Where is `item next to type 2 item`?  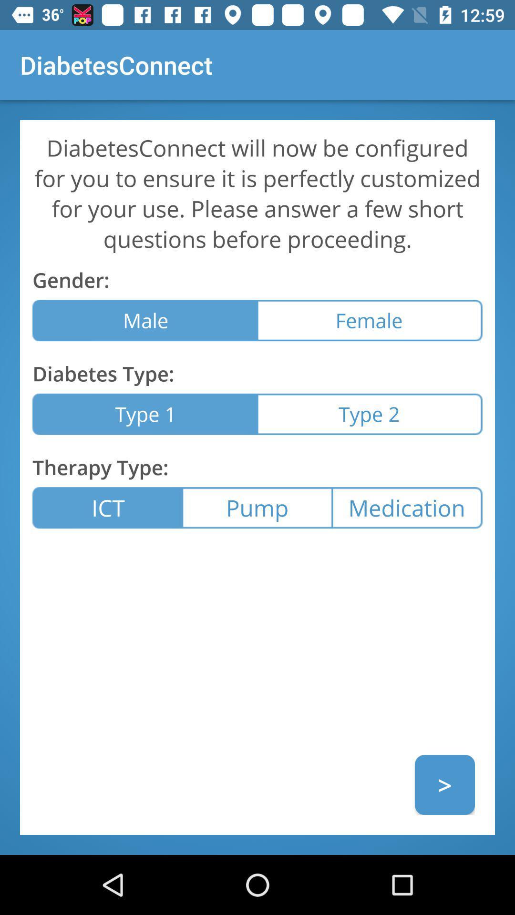 item next to type 2 item is located at coordinates (145, 414).